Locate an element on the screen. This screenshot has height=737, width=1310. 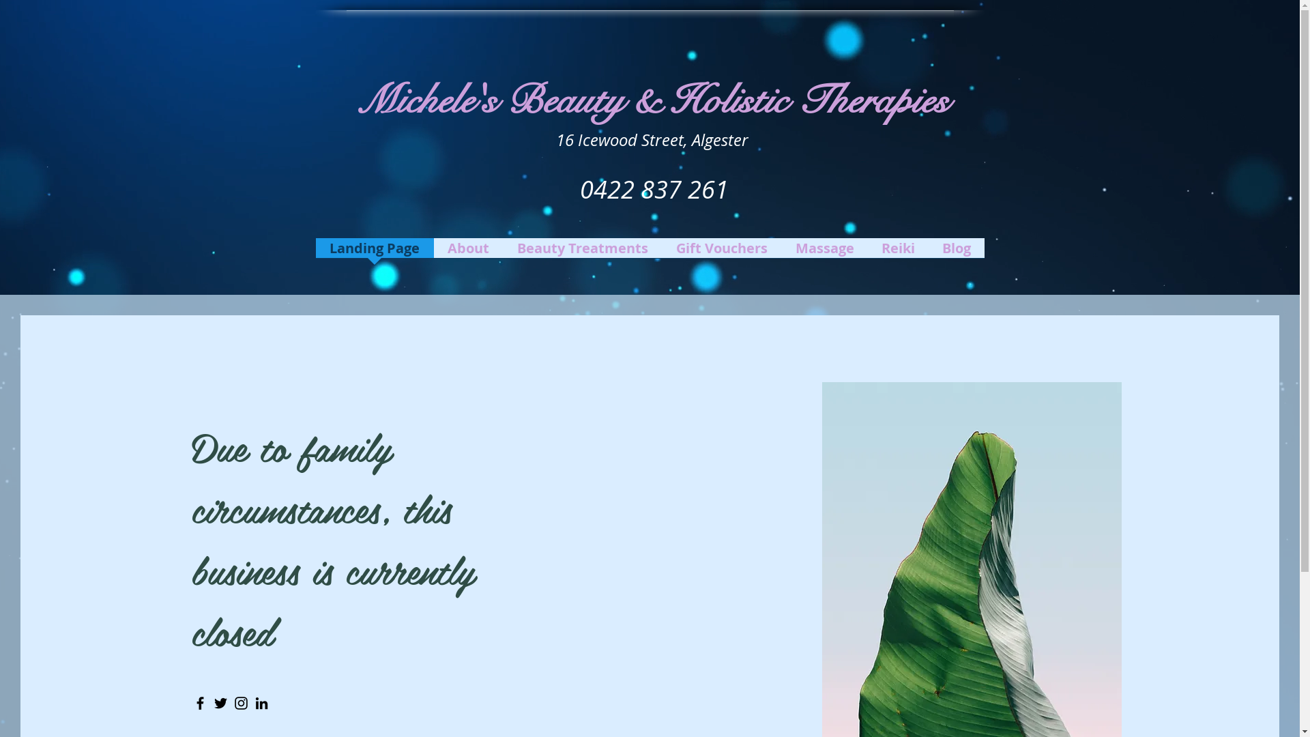
'Gift Vouchers' is located at coordinates (720, 252).